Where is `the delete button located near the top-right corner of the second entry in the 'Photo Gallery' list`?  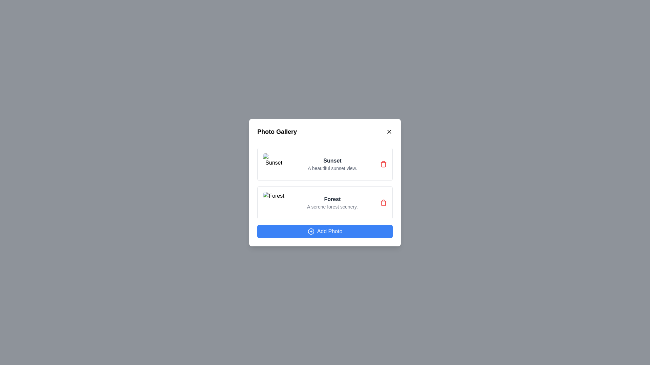 the delete button located near the top-right corner of the second entry in the 'Photo Gallery' list is located at coordinates (383, 202).